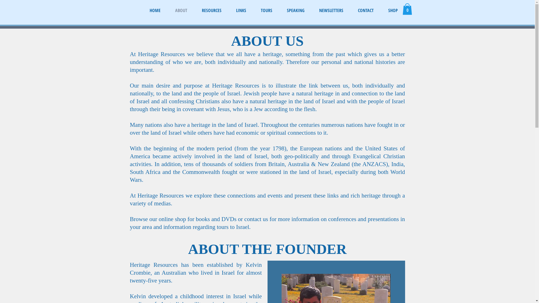 The image size is (539, 303). I want to click on 'LINKS', so click(241, 9).